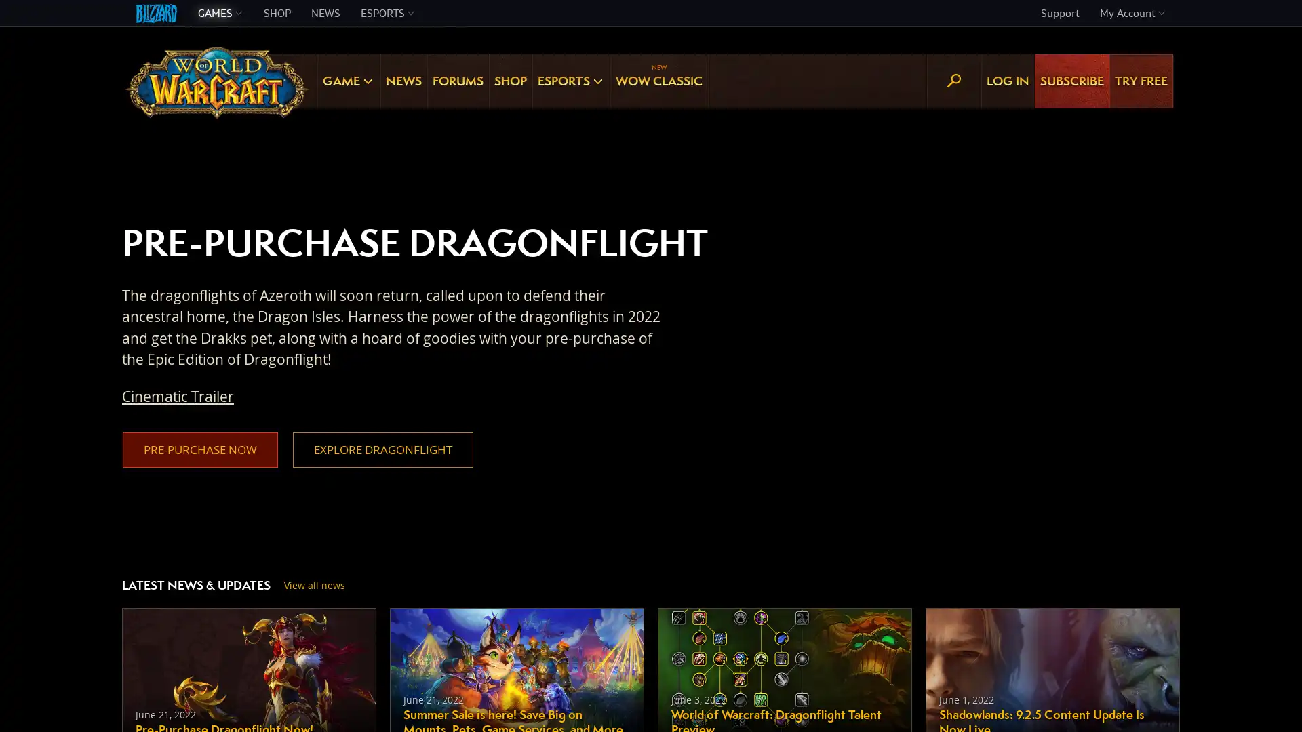 The image size is (1302, 732). I want to click on Cinematic Trailer, so click(177, 396).